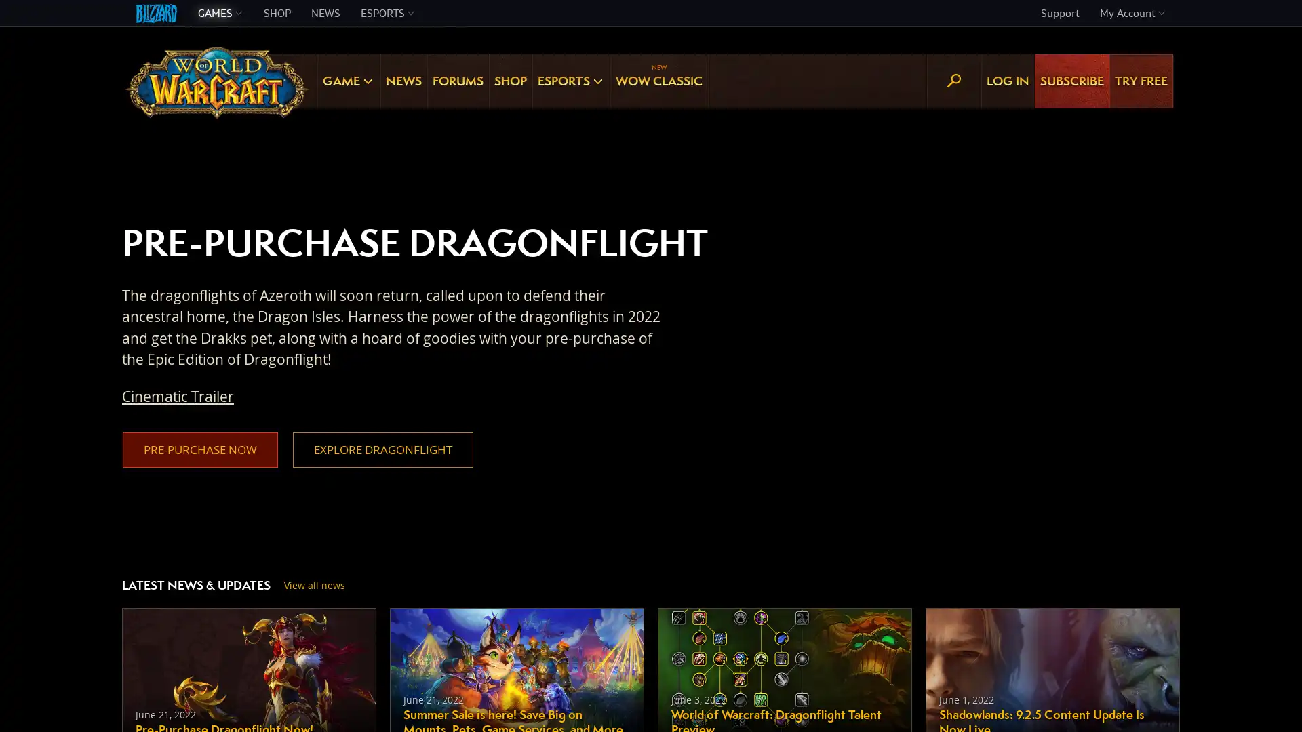 The image size is (1302, 732). I want to click on Cinematic Trailer, so click(177, 396).